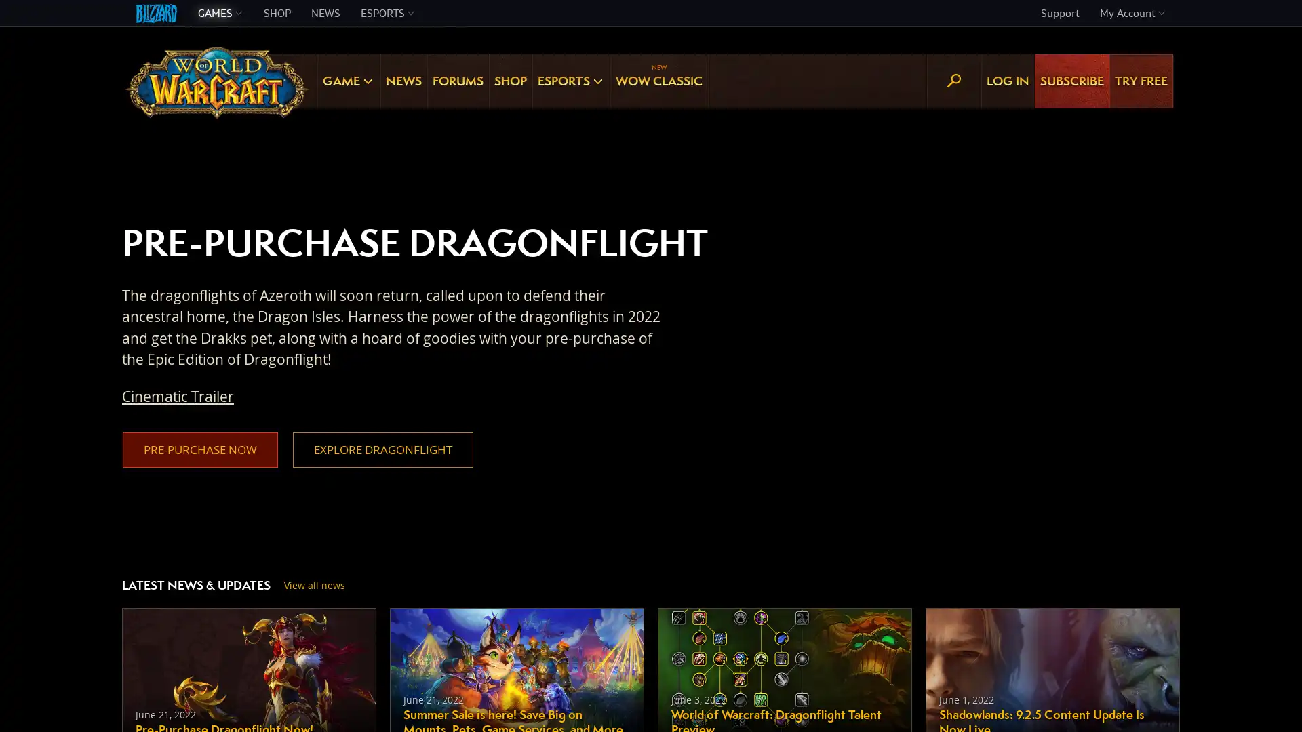 The image size is (1302, 732). I want to click on Cinematic Trailer, so click(177, 396).